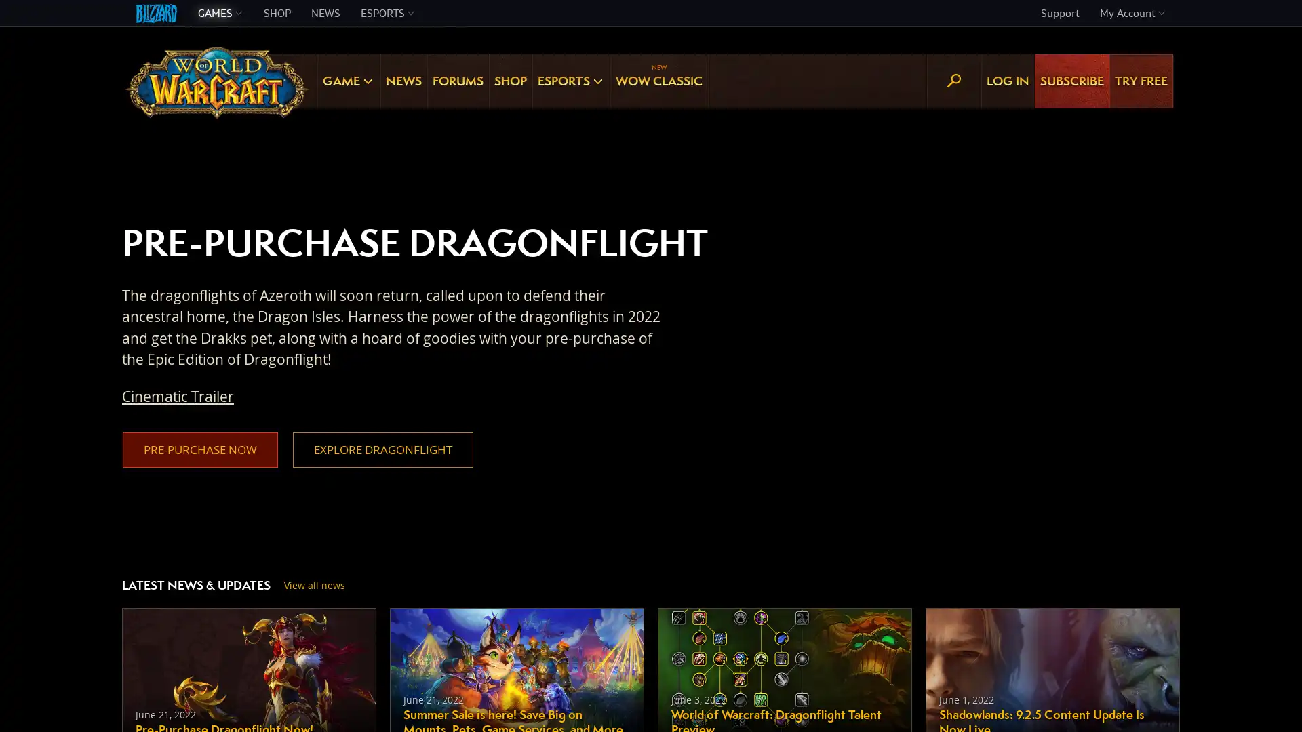 The image size is (1302, 732). I want to click on Cinematic Trailer, so click(177, 396).